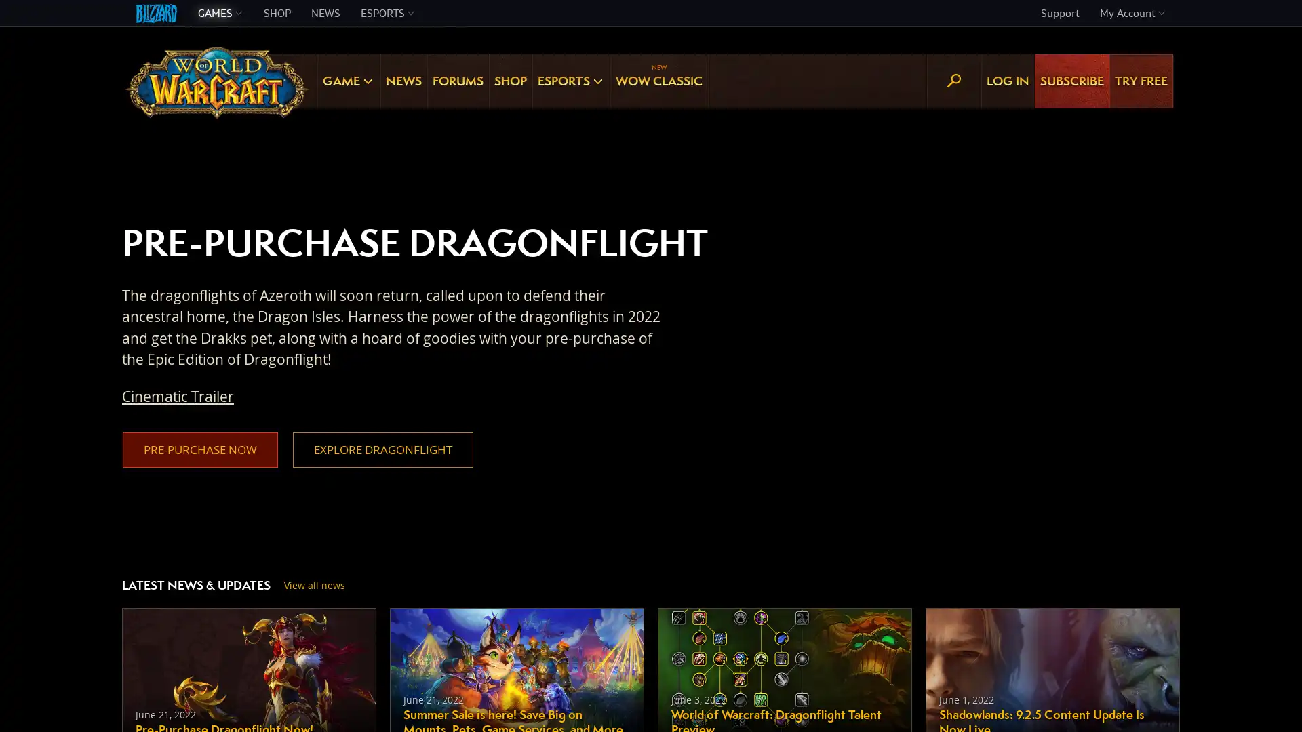 The image size is (1302, 732). I want to click on Cinematic Trailer, so click(177, 396).